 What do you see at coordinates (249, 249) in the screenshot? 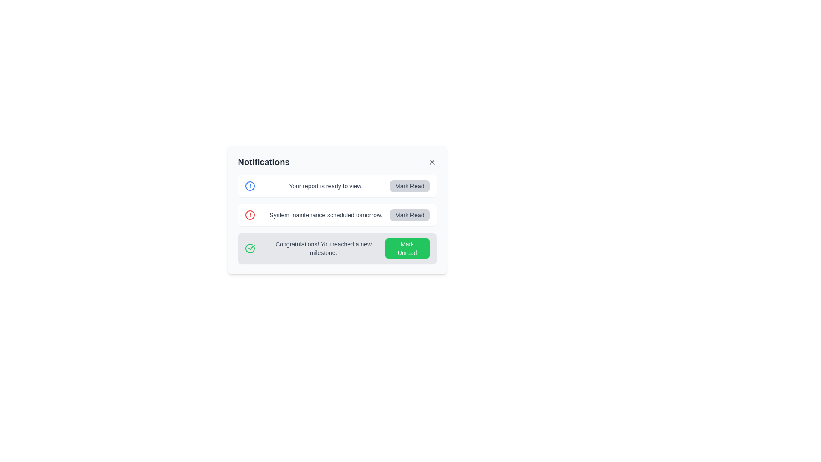
I see `the success indicator icon located on the left side of the notification that displays the message 'Congratulations! You reached a new milestone.'` at bounding box center [249, 249].